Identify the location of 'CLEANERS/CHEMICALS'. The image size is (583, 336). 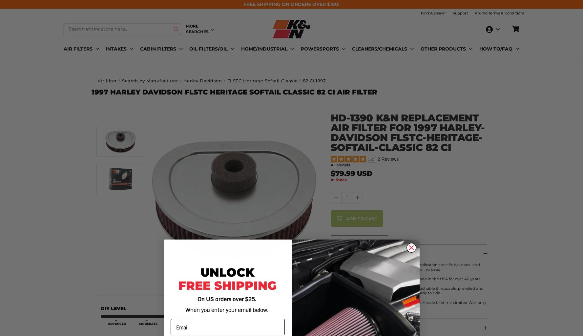
(379, 48).